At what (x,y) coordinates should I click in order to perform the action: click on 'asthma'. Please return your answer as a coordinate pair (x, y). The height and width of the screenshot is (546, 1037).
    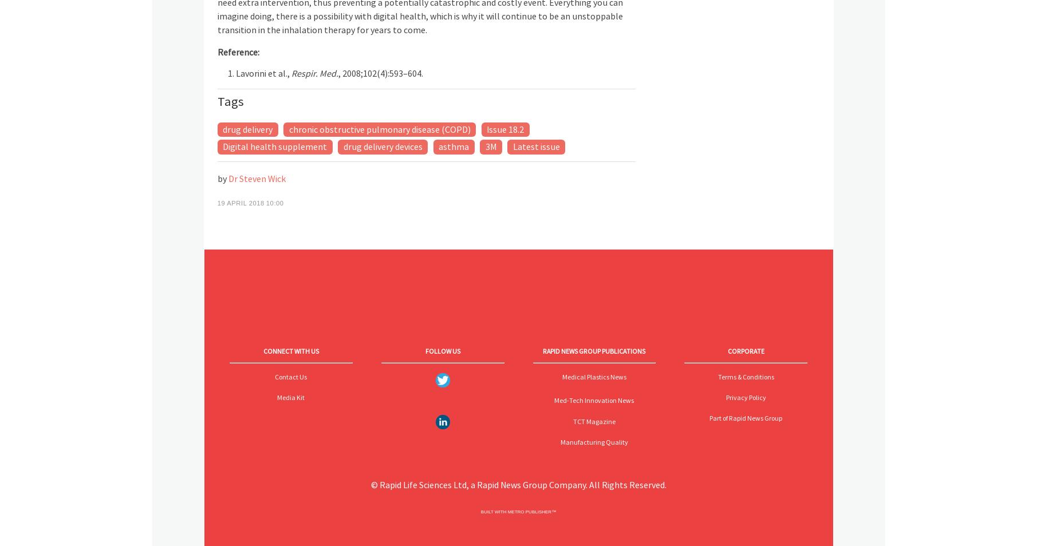
    Looking at the image, I should click on (438, 146).